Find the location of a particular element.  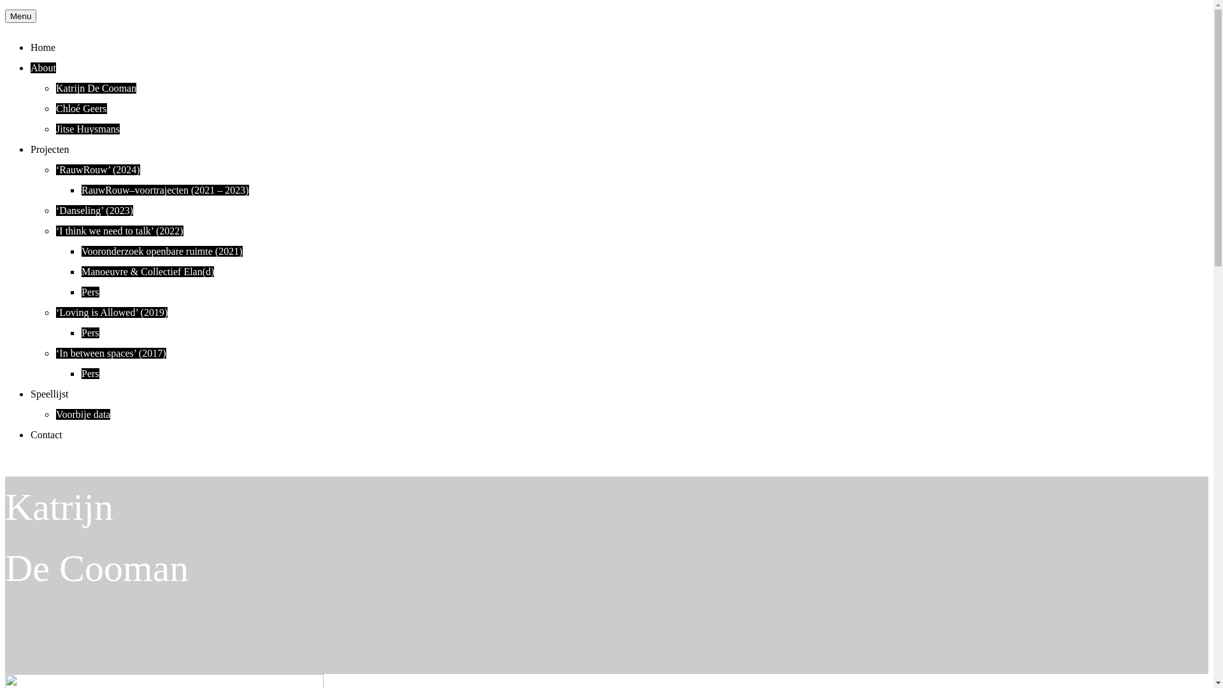

'Vooronderzoek openbare ruimte (2021)' is located at coordinates (81, 251).